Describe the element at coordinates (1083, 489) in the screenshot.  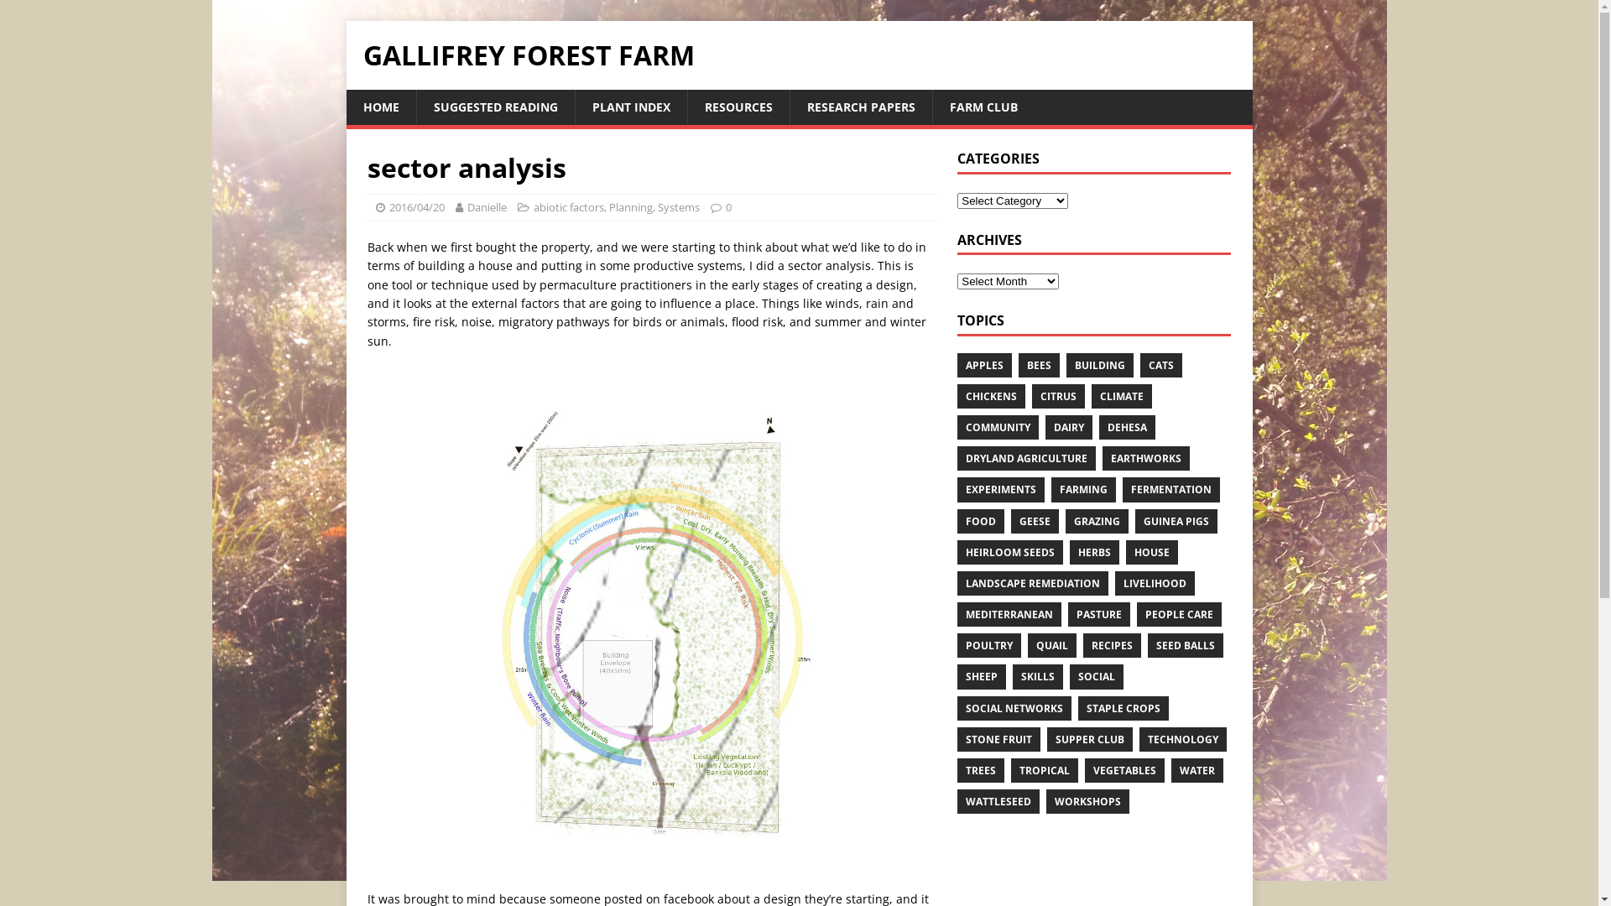
I see `'FARMING'` at that location.